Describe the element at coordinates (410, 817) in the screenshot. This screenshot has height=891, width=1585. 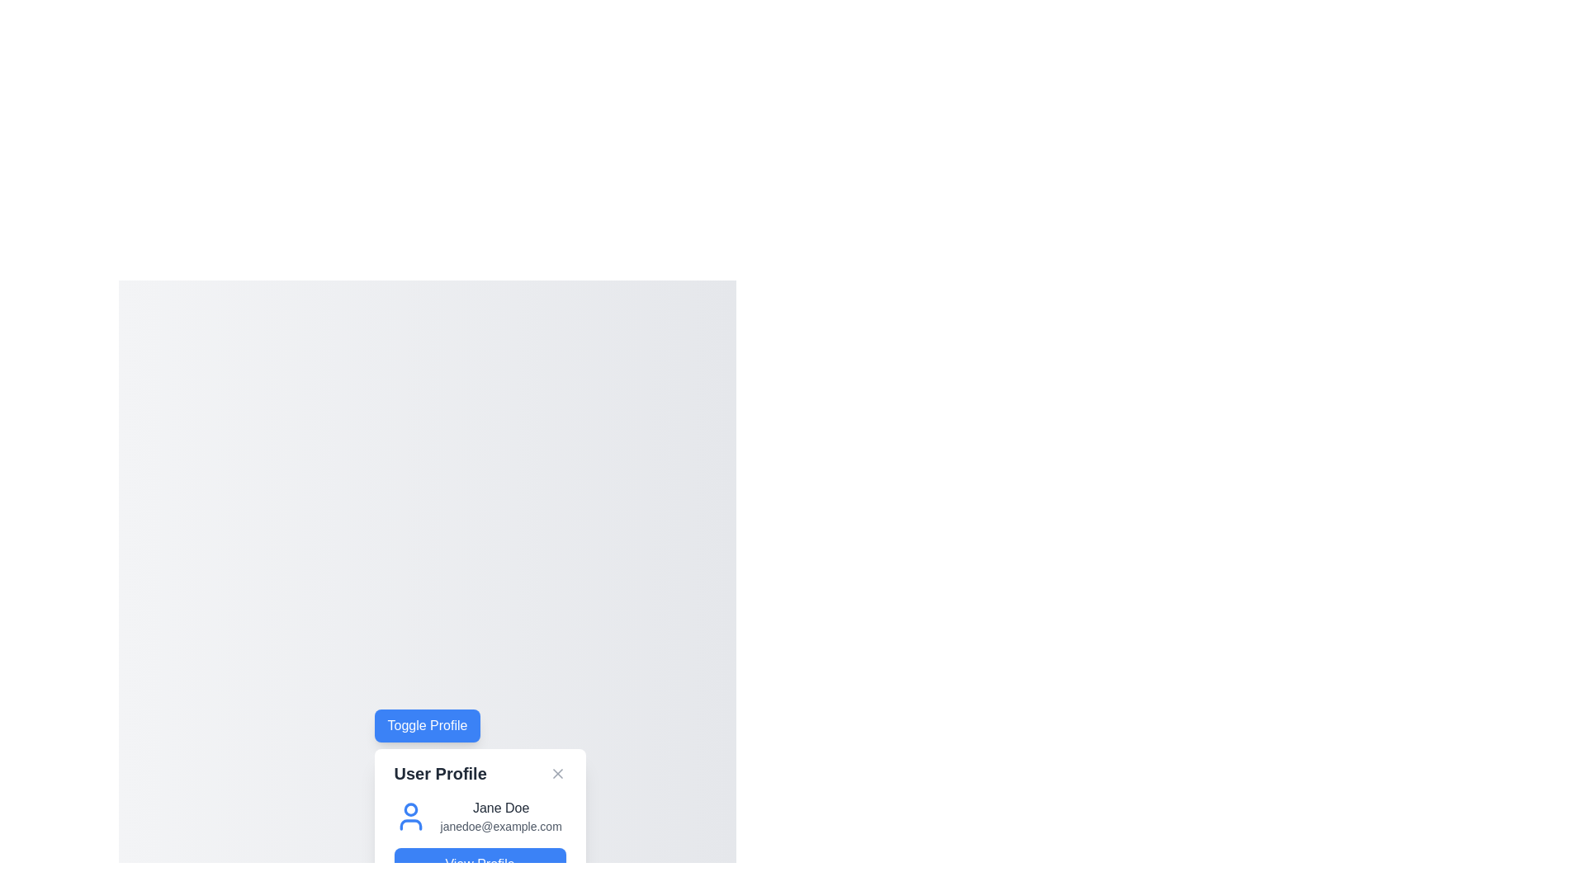
I see `the user profile icon located at the start of the horizontal segment containing the user's name and email, indicating user identity settings` at that location.